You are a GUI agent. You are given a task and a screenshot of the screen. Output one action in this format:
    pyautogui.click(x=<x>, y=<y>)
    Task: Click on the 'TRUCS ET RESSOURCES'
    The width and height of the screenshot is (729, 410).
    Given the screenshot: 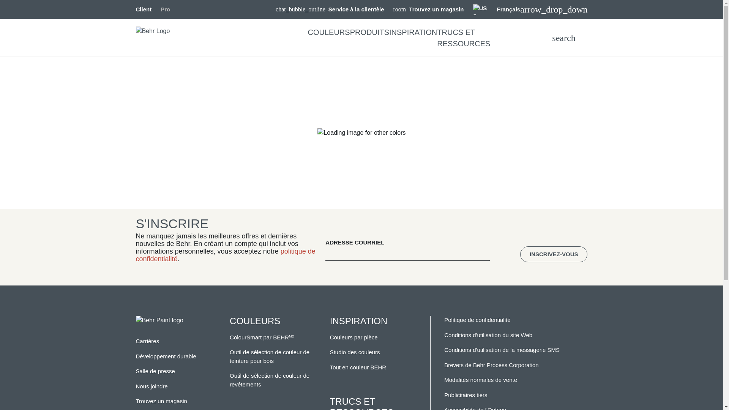 What is the action you would take?
    pyautogui.click(x=463, y=38)
    